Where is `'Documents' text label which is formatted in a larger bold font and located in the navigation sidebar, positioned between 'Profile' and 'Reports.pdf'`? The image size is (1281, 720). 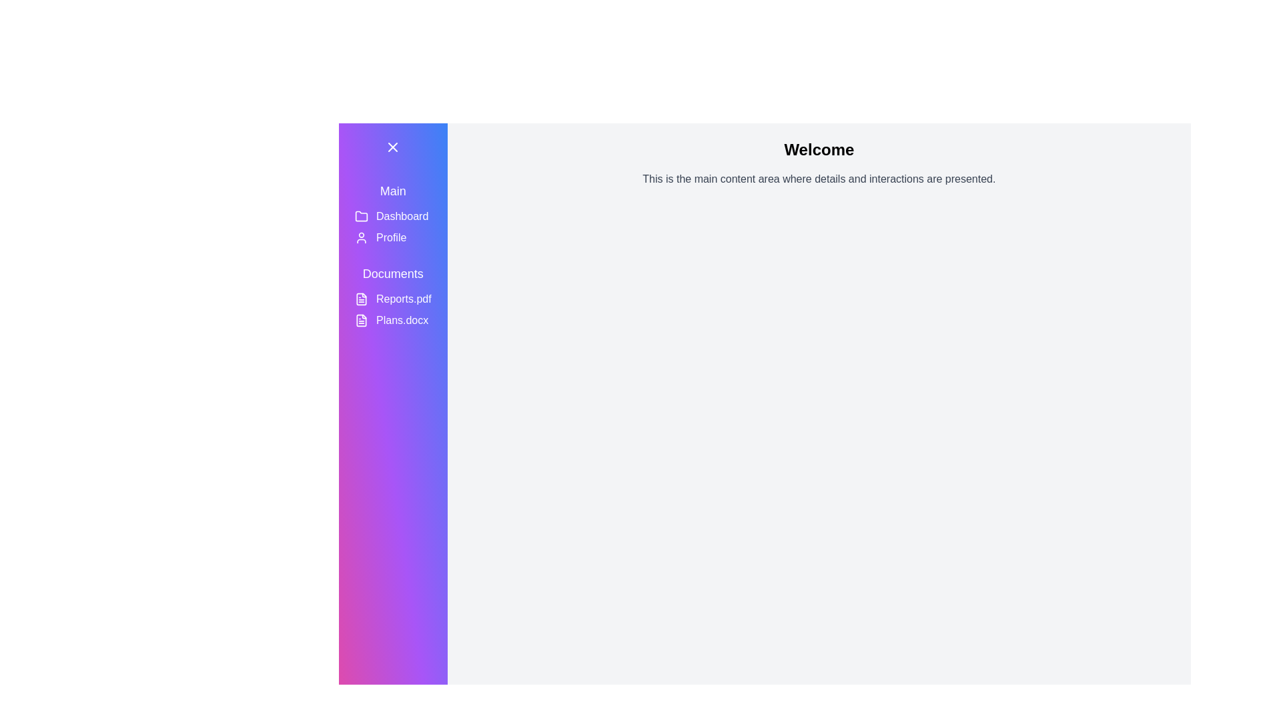 'Documents' text label which is formatted in a larger bold font and located in the navigation sidebar, positioned between 'Profile' and 'Reports.pdf' is located at coordinates (392, 265).